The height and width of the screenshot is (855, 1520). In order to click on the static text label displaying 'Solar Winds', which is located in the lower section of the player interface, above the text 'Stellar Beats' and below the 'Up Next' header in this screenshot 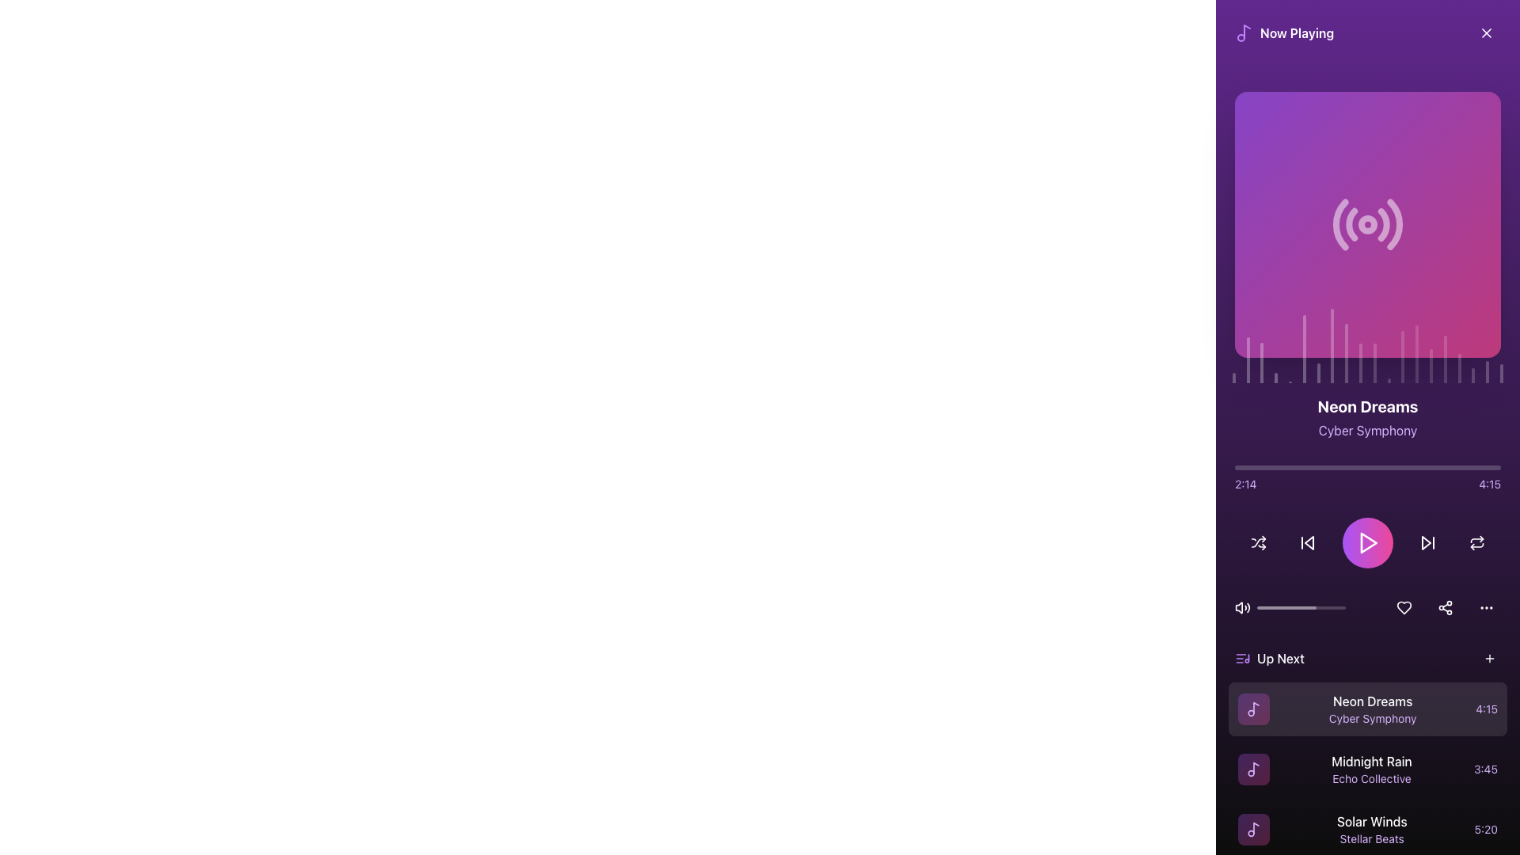, I will do `click(1371, 820)`.